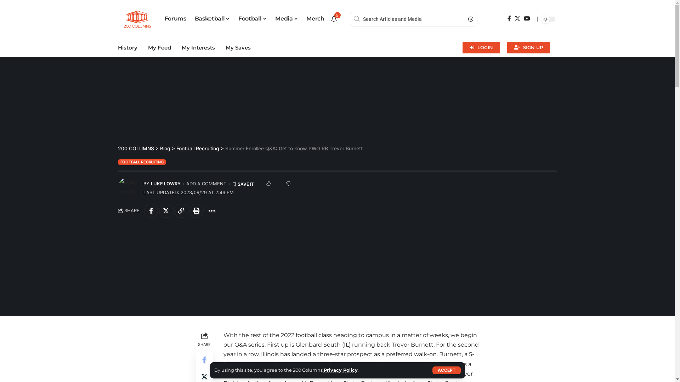 Image resolution: width=680 pixels, height=382 pixels. Describe the element at coordinates (468, 19) in the screenshot. I see `'Search'` at that location.